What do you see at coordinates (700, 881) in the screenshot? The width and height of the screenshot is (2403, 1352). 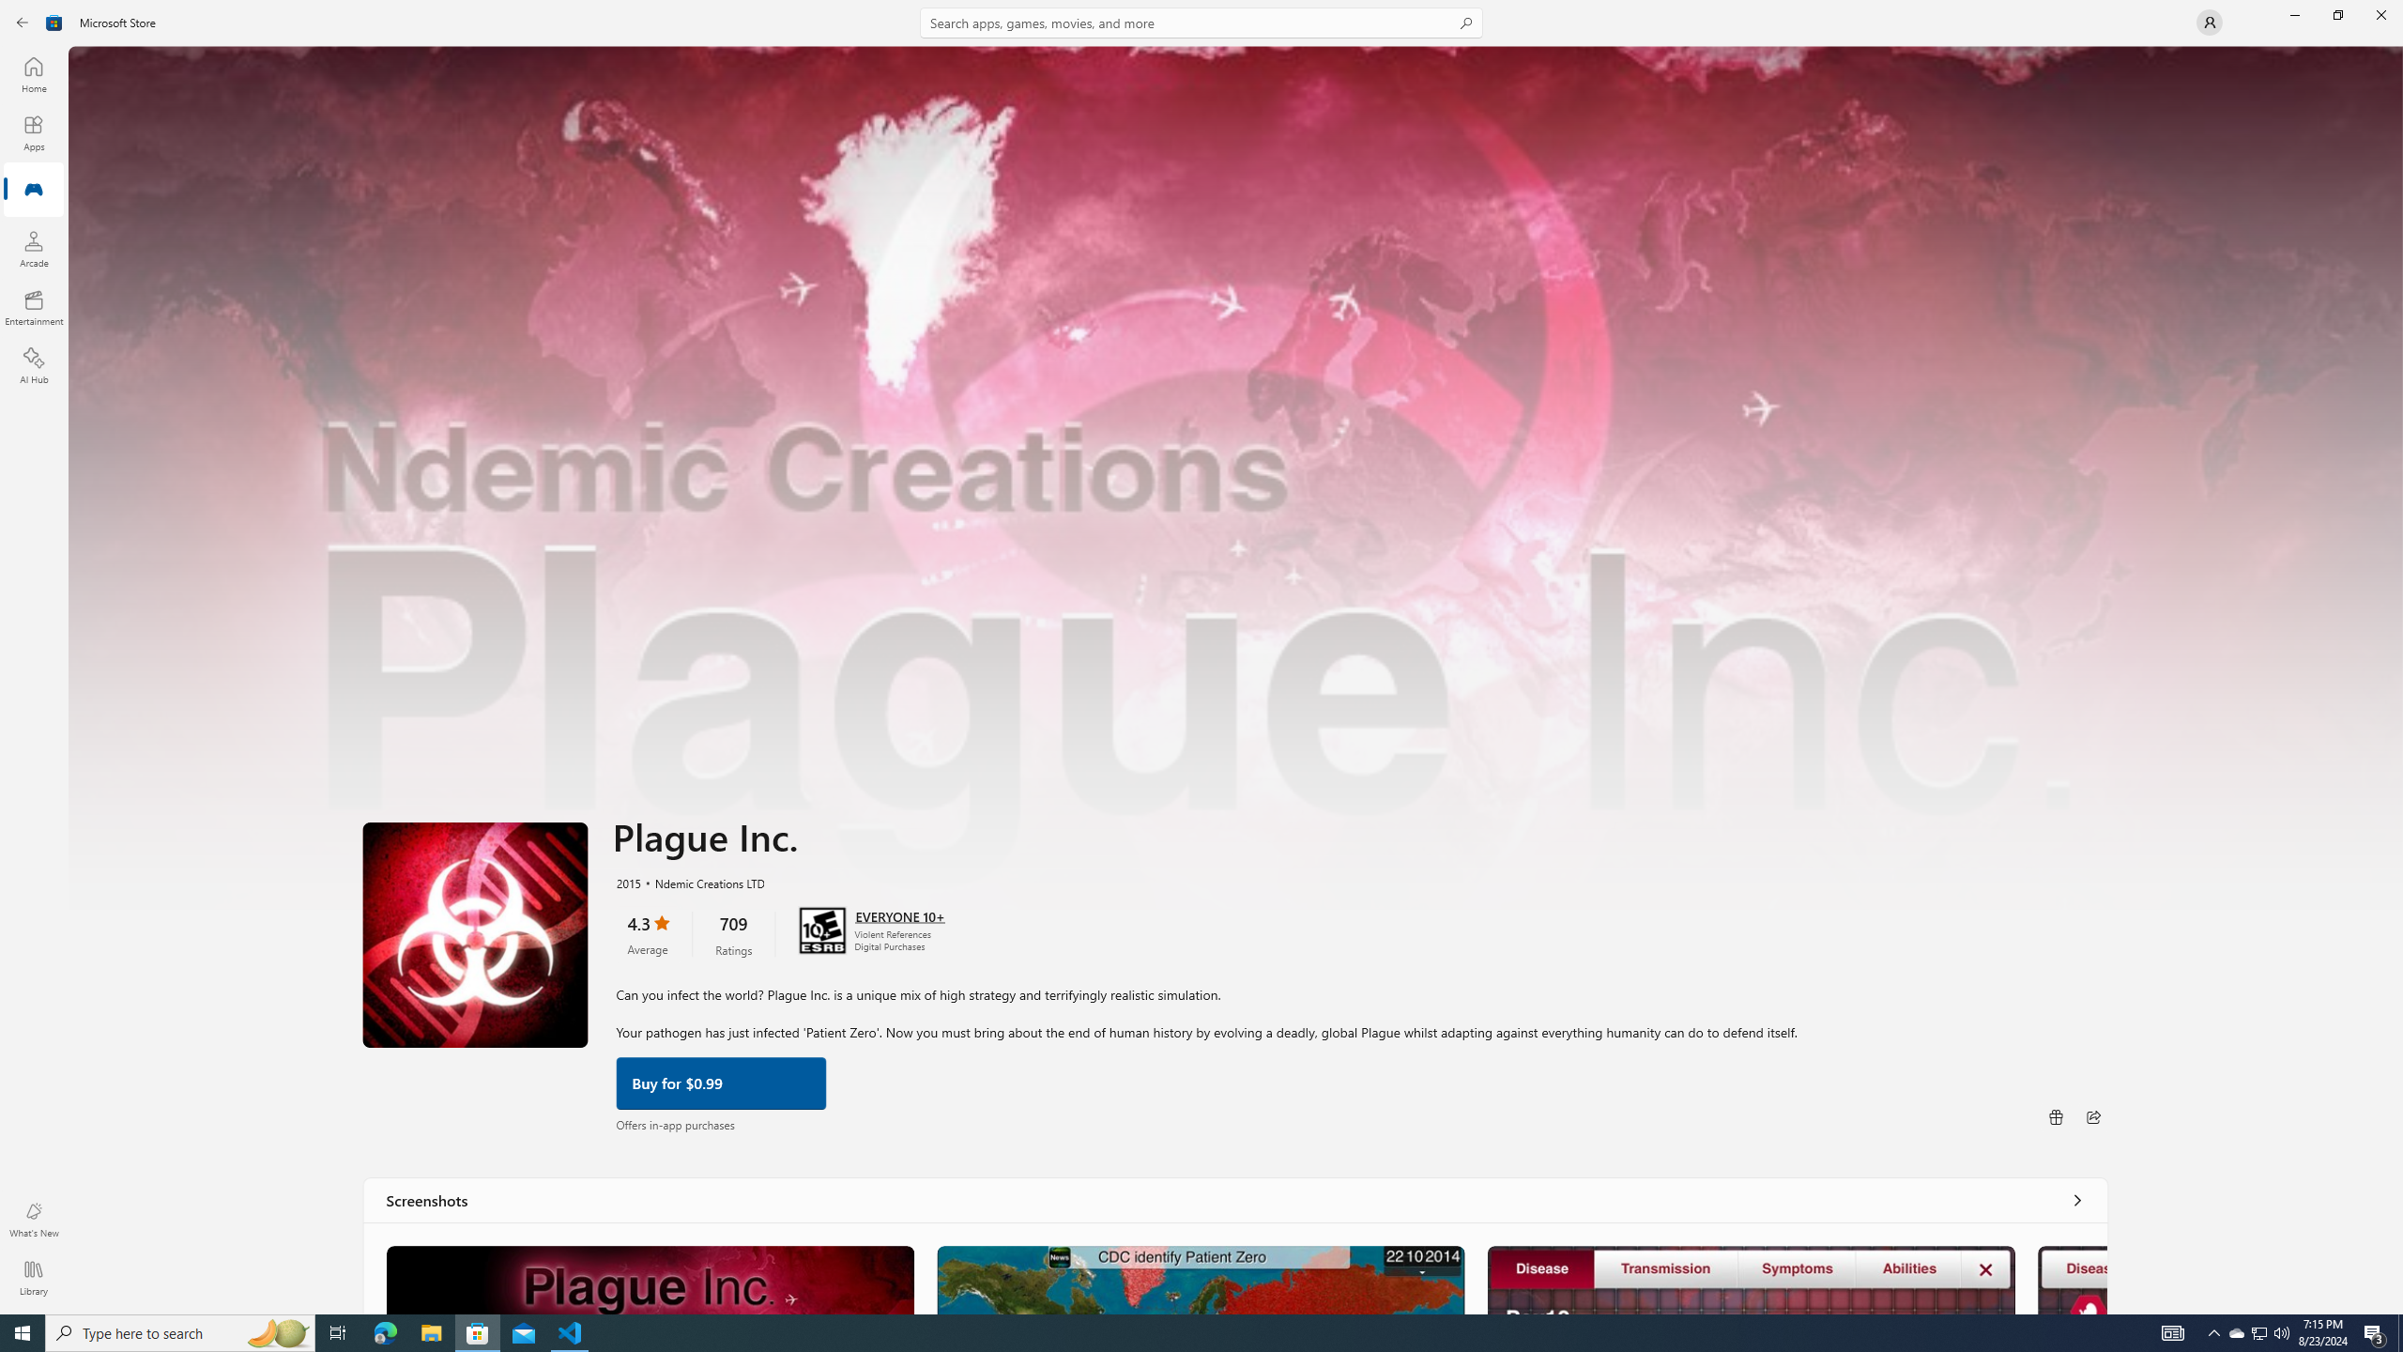 I see `'Ndemic Creations LTD'` at bounding box center [700, 881].